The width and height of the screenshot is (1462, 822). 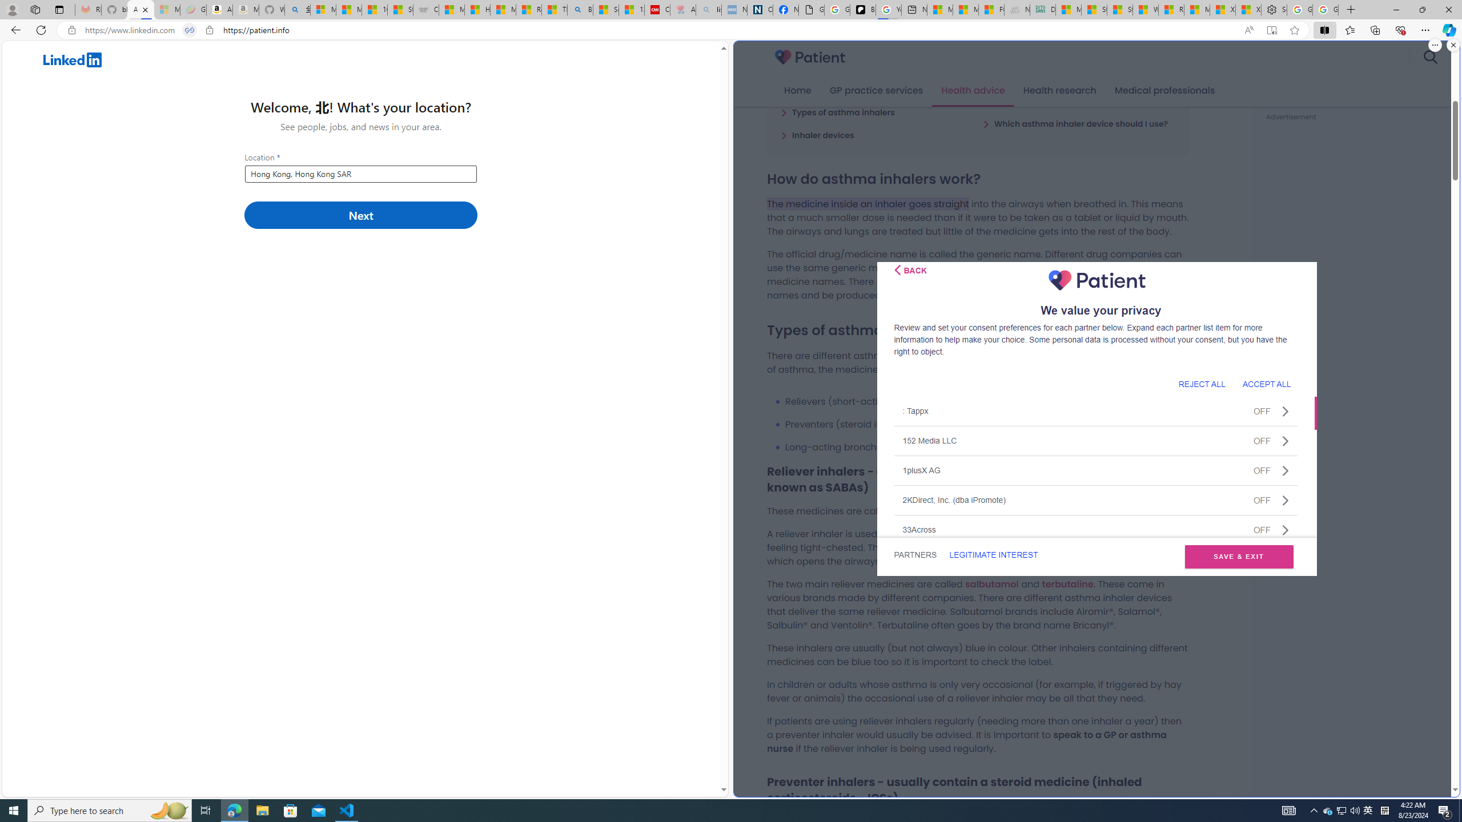 I want to click on 'Favorites', so click(x=1350, y=29).